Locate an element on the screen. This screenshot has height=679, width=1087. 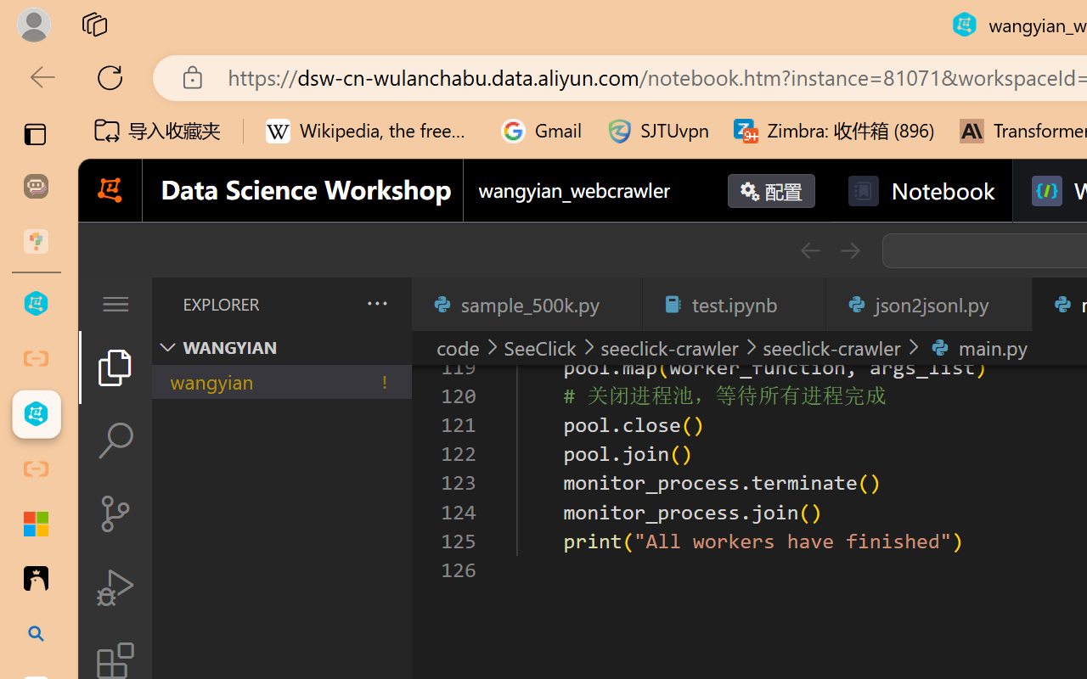
'Close (Ctrl+F4)' is located at coordinates (1009, 304).